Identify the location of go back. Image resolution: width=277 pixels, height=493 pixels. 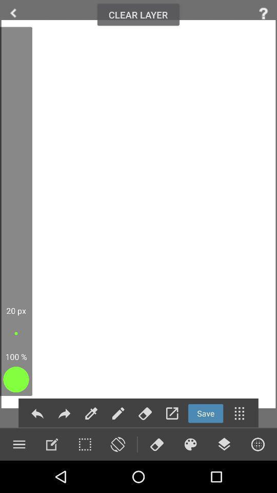
(37, 413).